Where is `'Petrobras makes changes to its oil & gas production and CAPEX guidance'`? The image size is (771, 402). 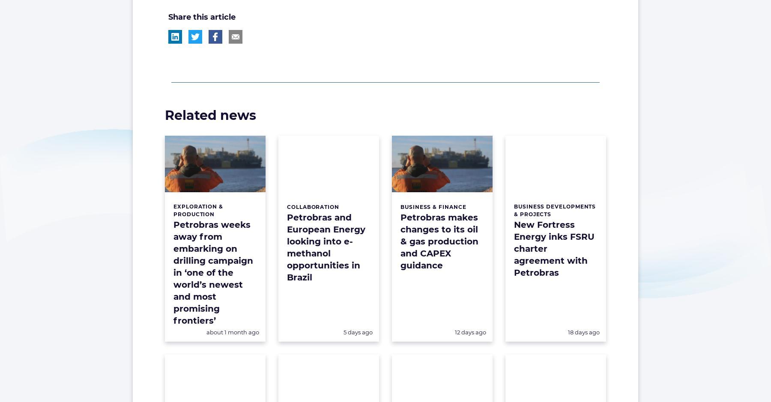
'Petrobras makes changes to its oil & gas production and CAPEX guidance' is located at coordinates (439, 241).